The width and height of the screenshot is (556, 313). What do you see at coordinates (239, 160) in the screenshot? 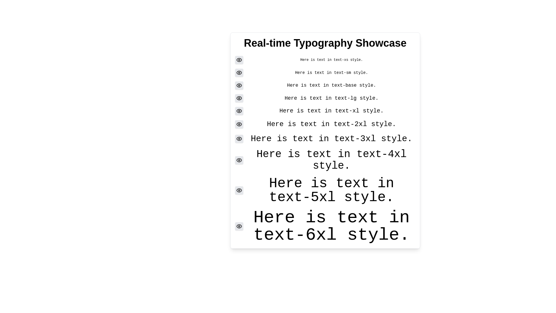
I see `the first eye-shaped icon in the vertical icon group next to the text styled as 'text-4xl'` at bounding box center [239, 160].